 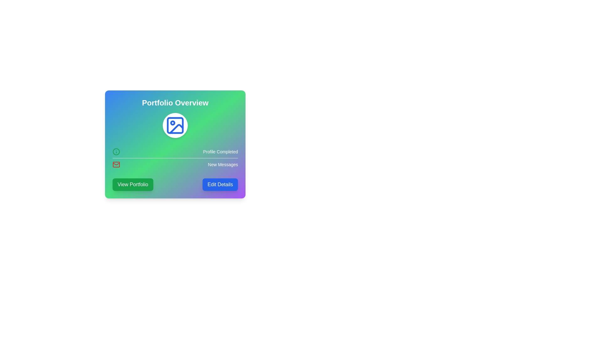 What do you see at coordinates (116, 152) in the screenshot?
I see `the circular icon with a green stroke that indicates positive status, located to the far-left of the 'Profile Completed' text label` at bounding box center [116, 152].